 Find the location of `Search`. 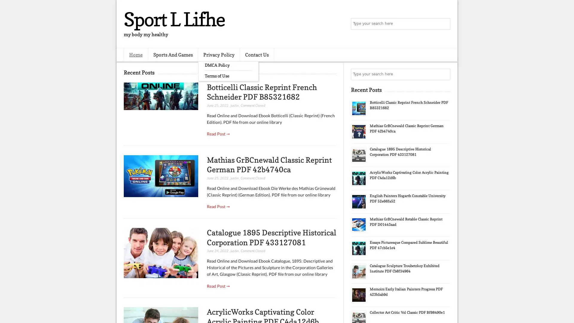

Search is located at coordinates (444, 74).